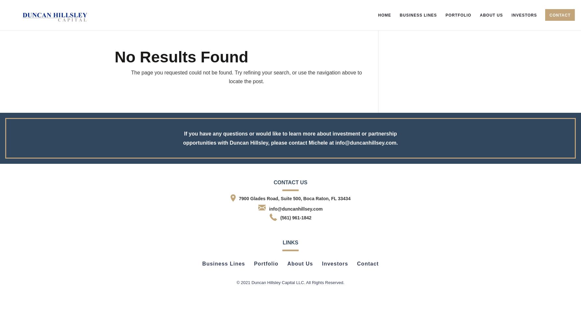 Image resolution: width=581 pixels, height=325 pixels. Describe the element at coordinates (366, 142) in the screenshot. I see `'info@duncanhillsey.com.'` at that location.